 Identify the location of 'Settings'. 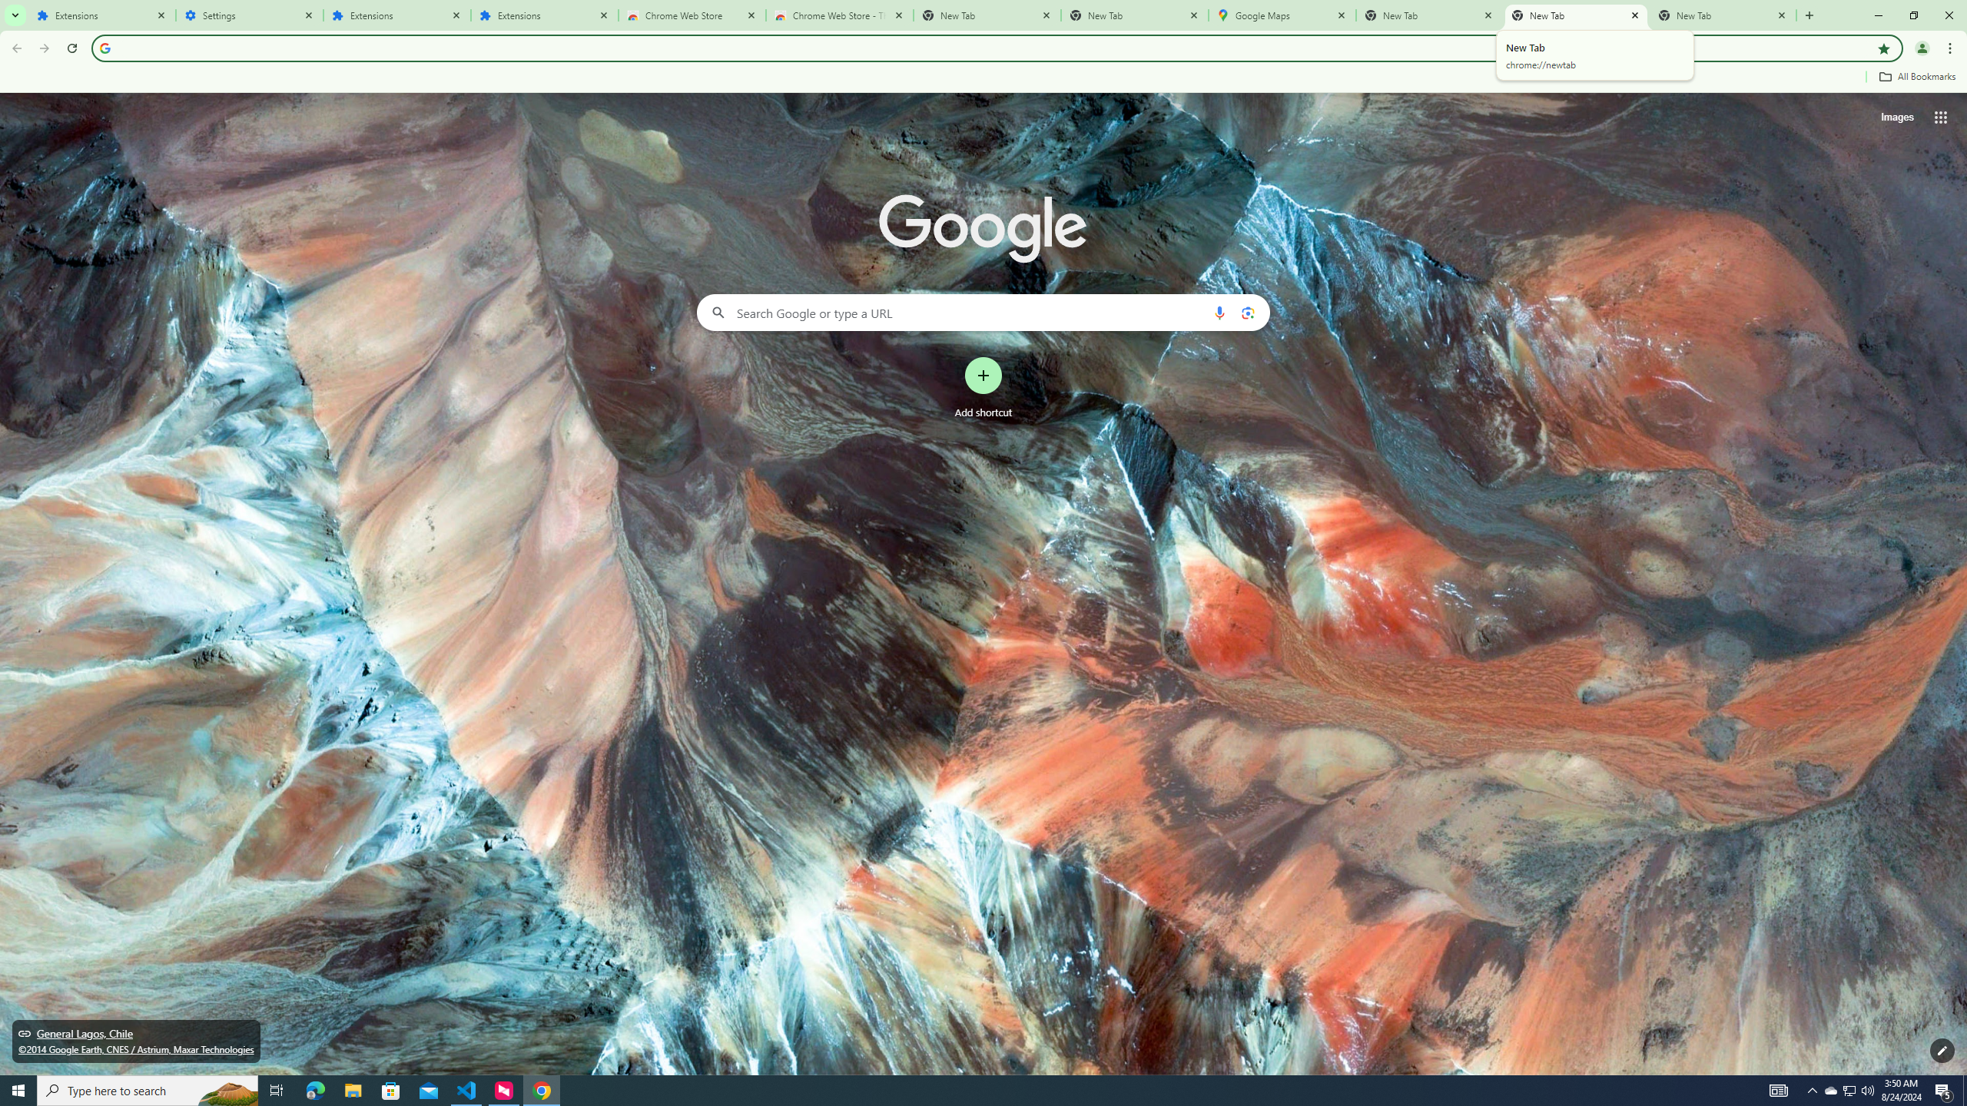
(250, 15).